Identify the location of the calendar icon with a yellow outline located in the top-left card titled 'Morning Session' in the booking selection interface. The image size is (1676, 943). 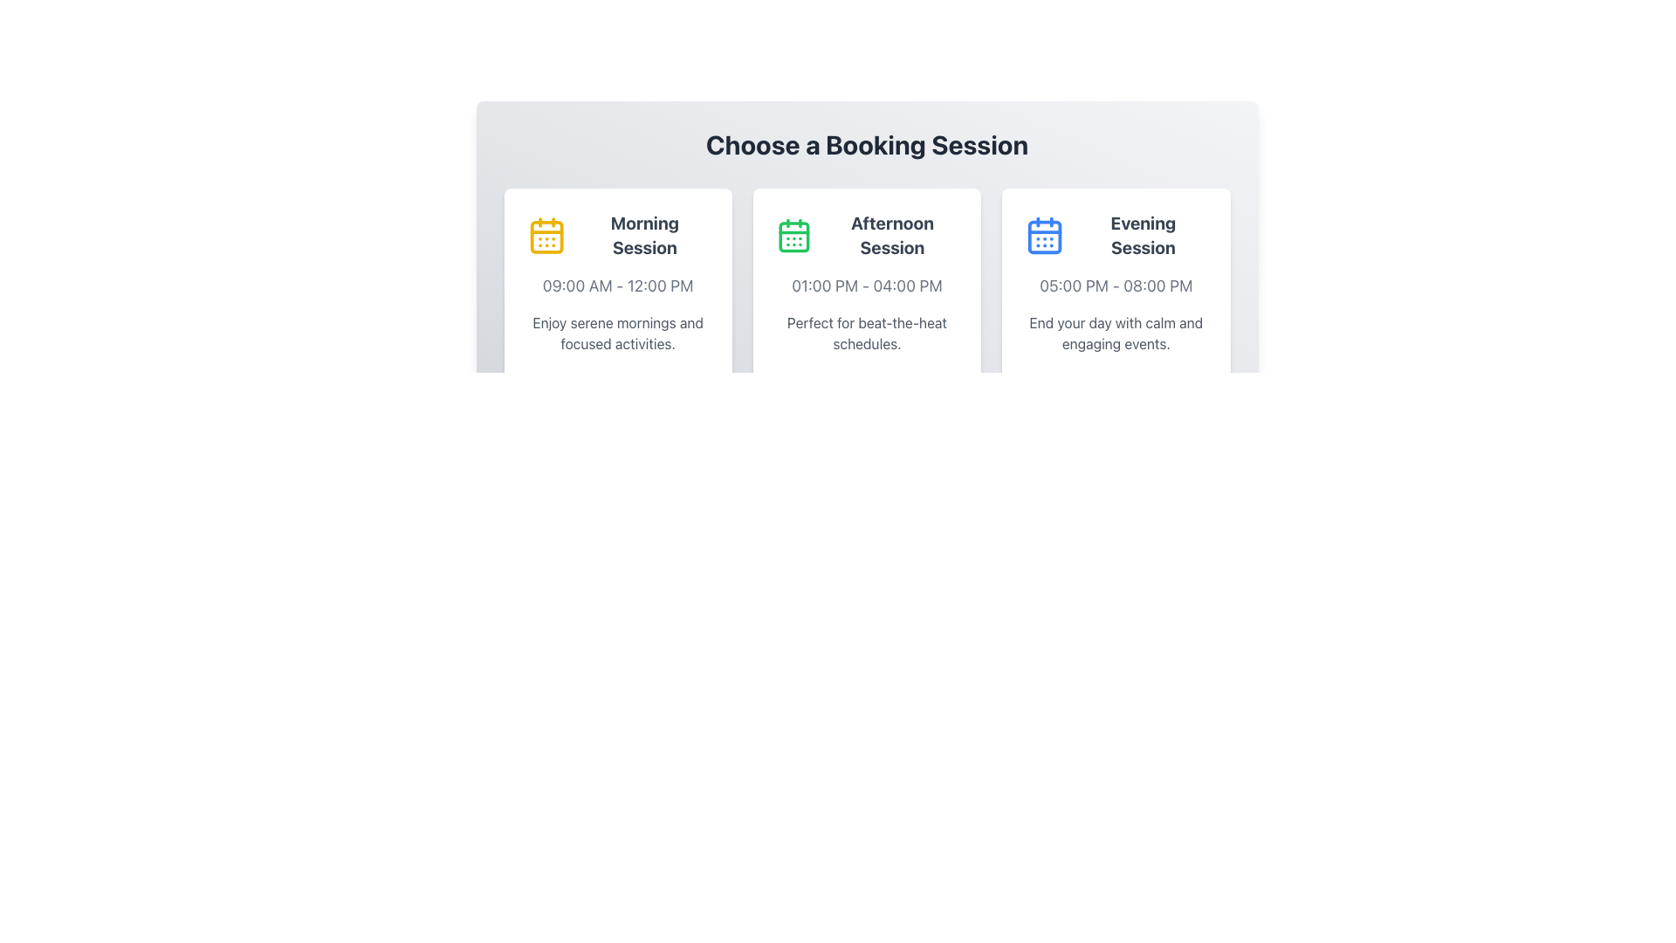
(546, 237).